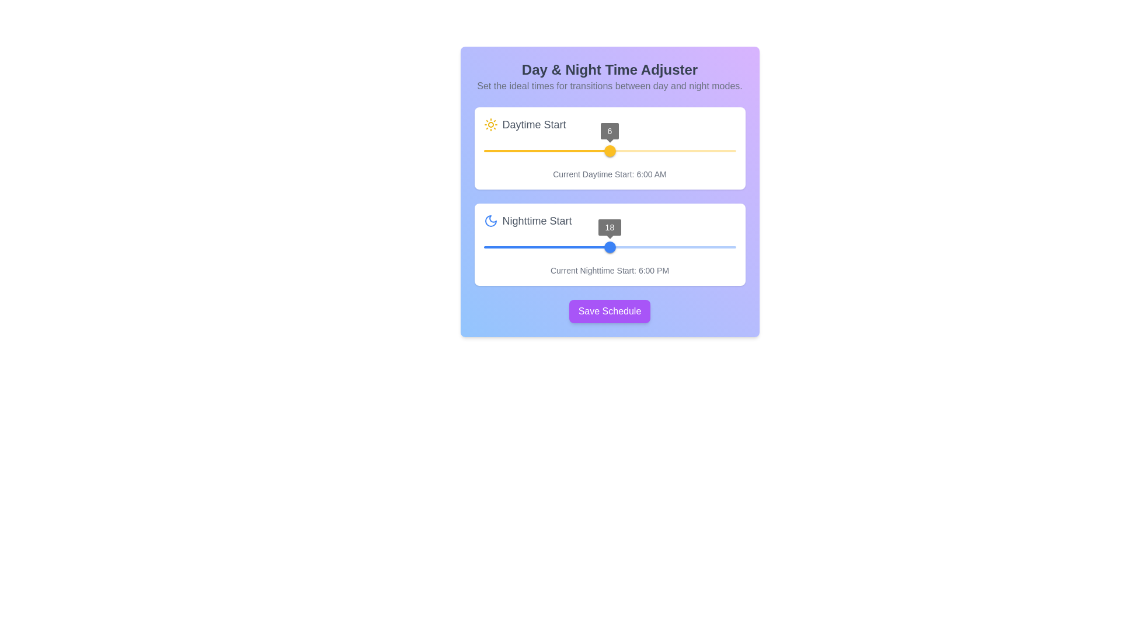  I want to click on nighttime start hour, so click(494, 247).